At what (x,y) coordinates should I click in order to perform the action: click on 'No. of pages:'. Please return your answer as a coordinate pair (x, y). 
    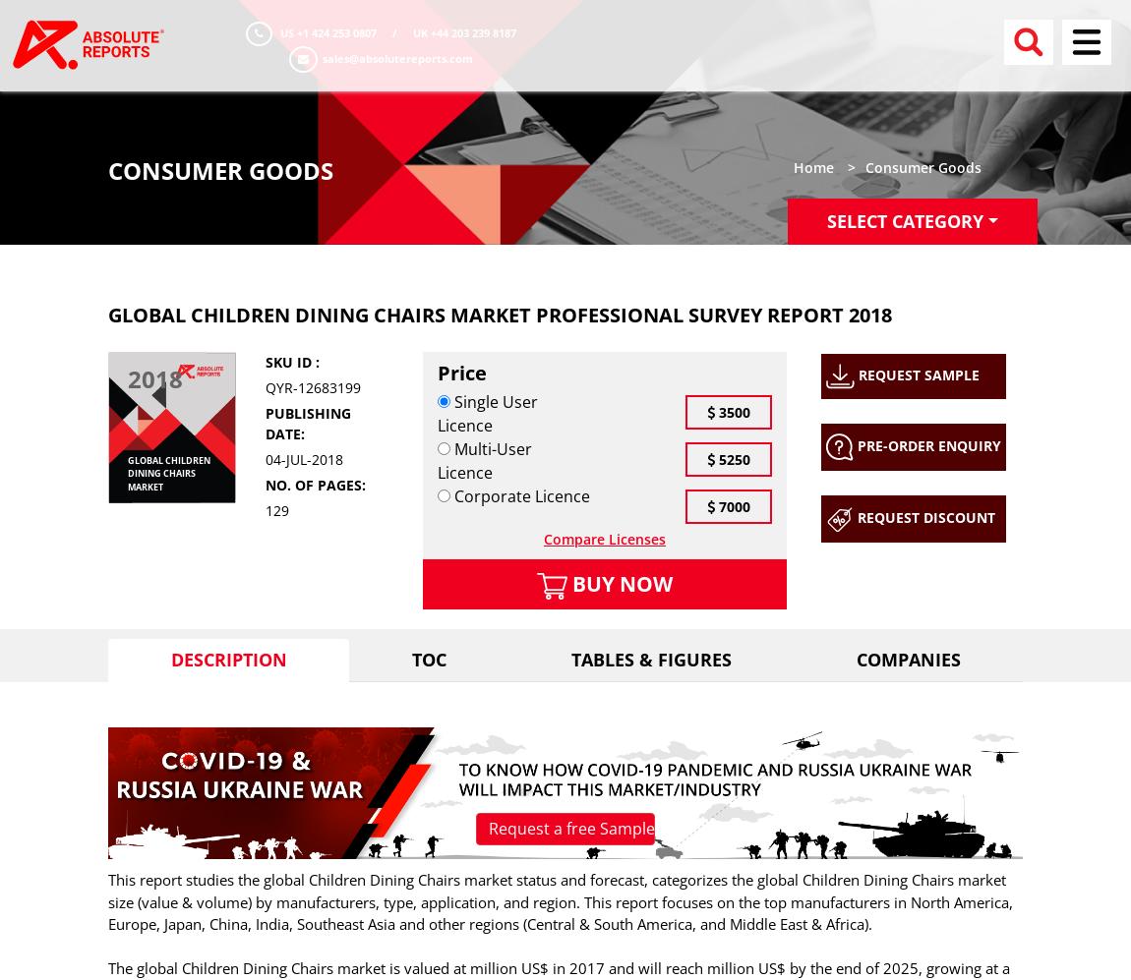
    Looking at the image, I should click on (315, 484).